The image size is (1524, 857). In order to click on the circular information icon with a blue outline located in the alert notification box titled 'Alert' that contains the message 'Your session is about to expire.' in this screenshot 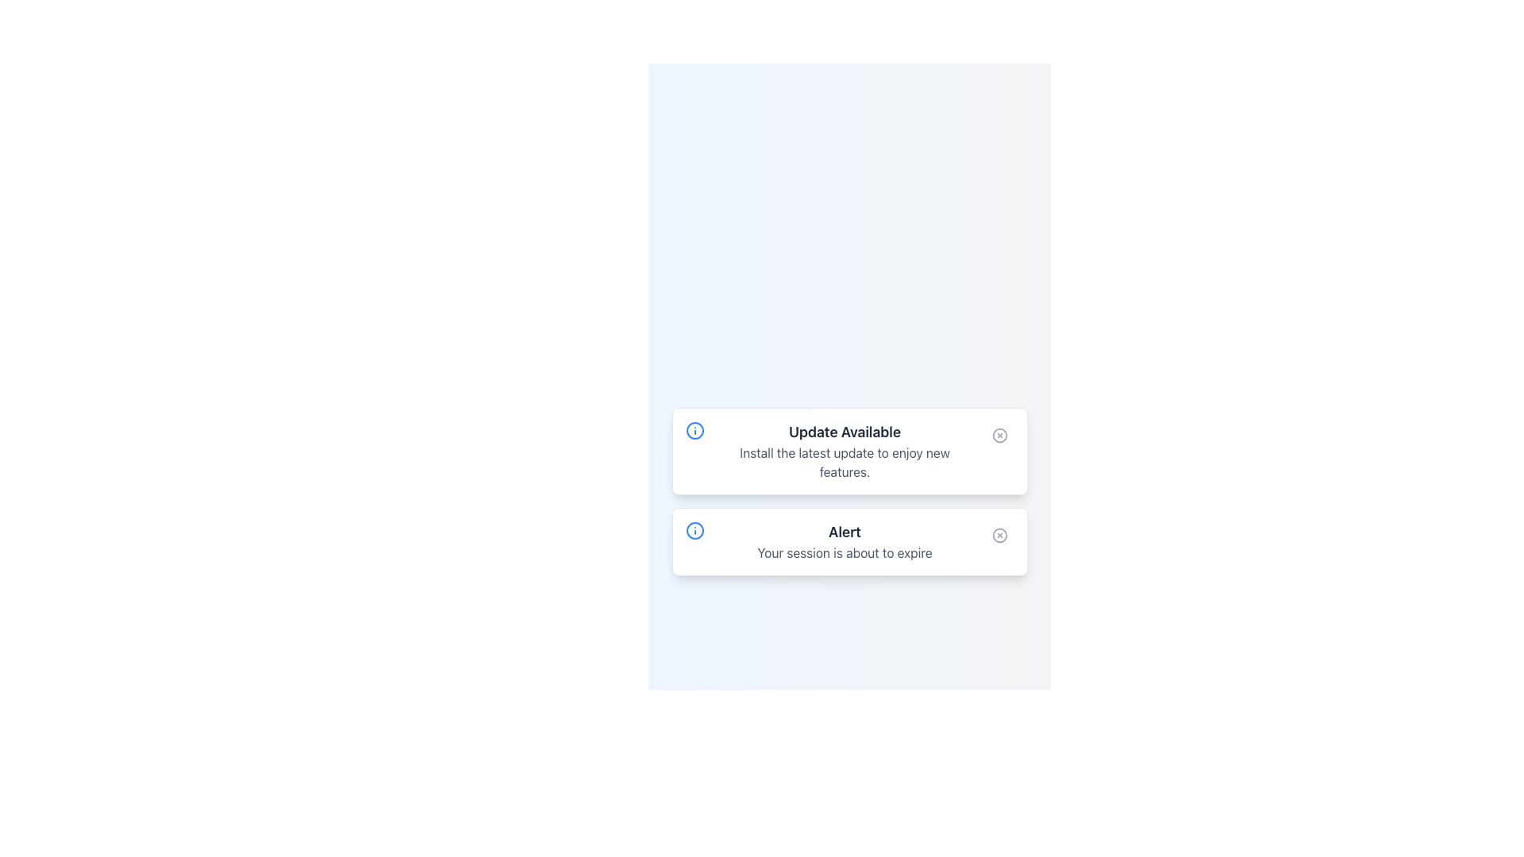, I will do `click(695, 530)`.